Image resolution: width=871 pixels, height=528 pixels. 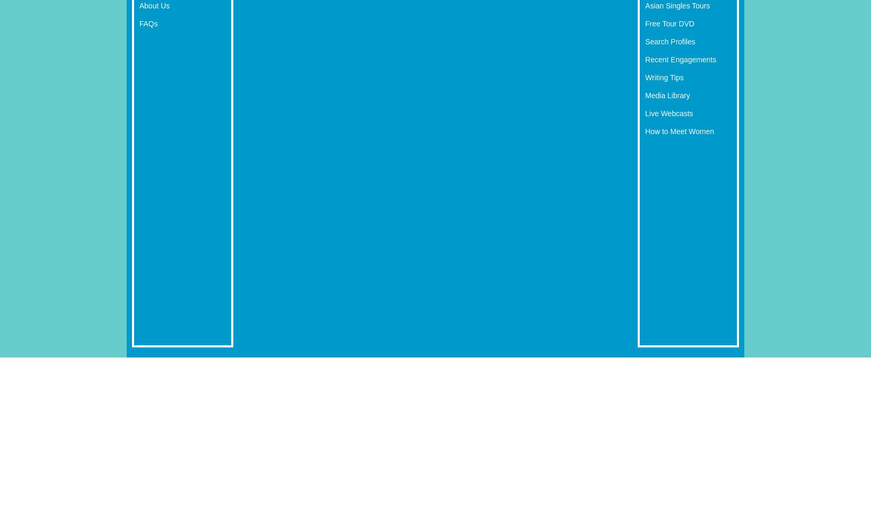 What do you see at coordinates (139, 23) in the screenshot?
I see `'FAQs'` at bounding box center [139, 23].